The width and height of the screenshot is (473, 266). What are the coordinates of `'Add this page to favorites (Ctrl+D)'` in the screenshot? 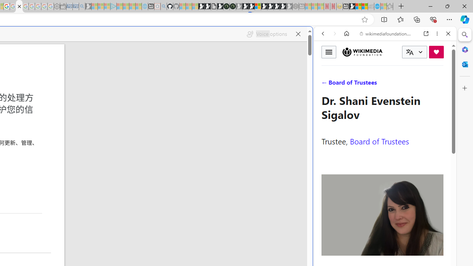 It's located at (364, 19).